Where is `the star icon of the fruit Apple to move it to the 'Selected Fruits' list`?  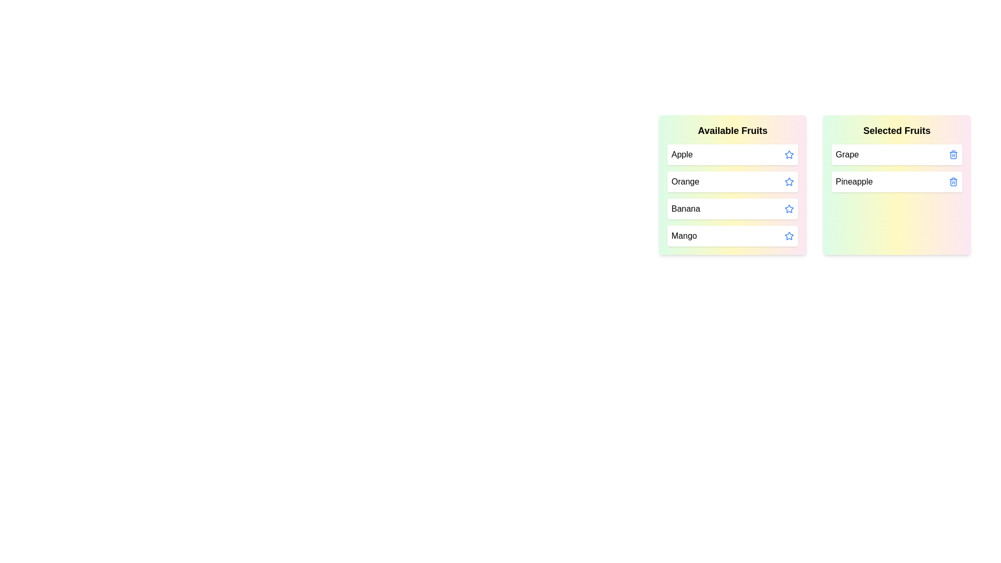
the star icon of the fruit Apple to move it to the 'Selected Fruits' list is located at coordinates (789, 155).